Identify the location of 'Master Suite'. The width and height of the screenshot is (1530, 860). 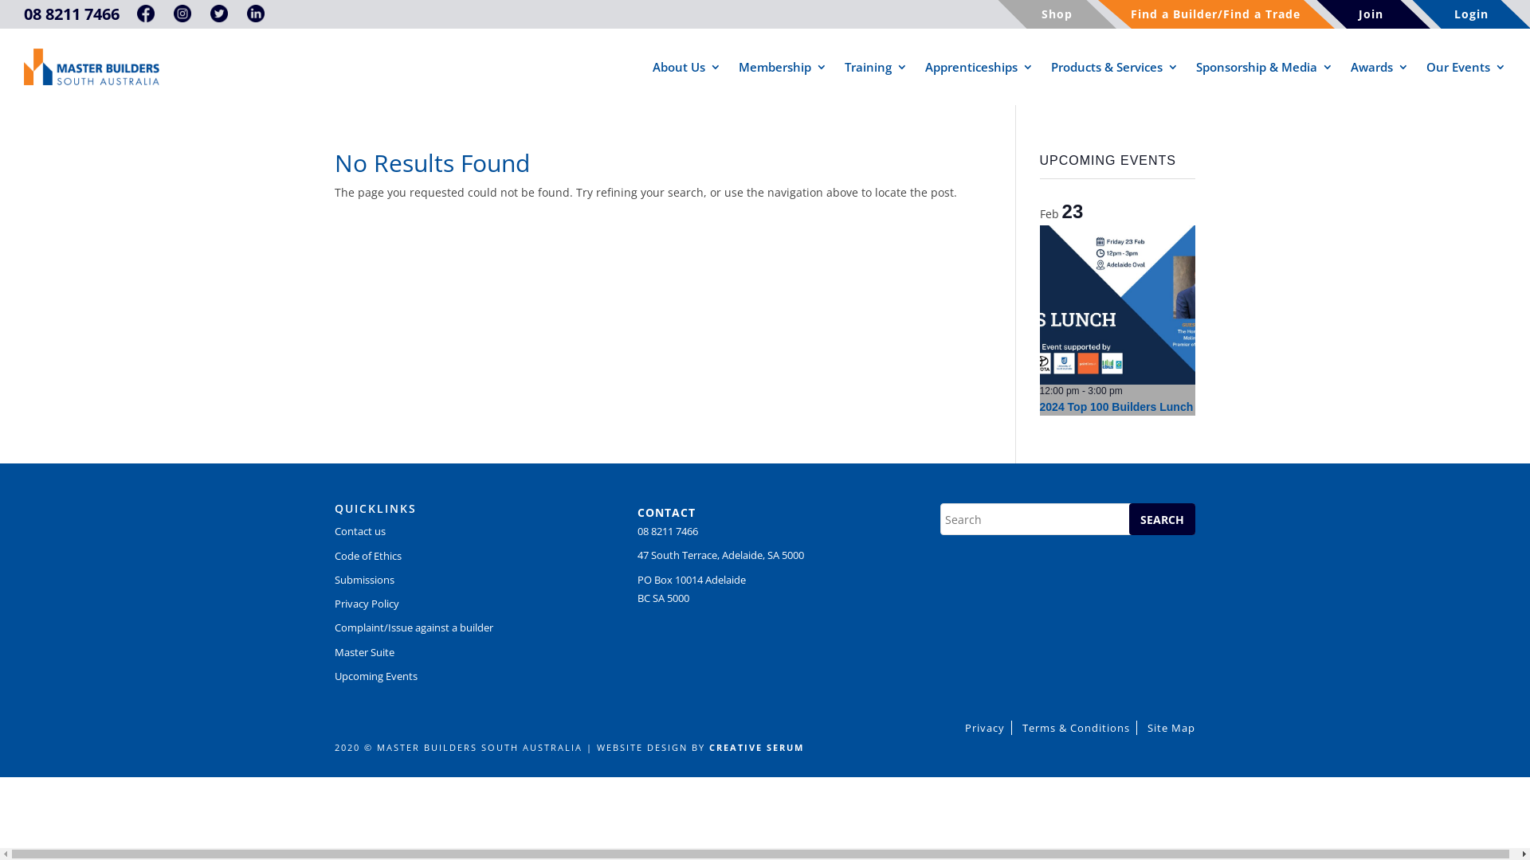
(363, 651).